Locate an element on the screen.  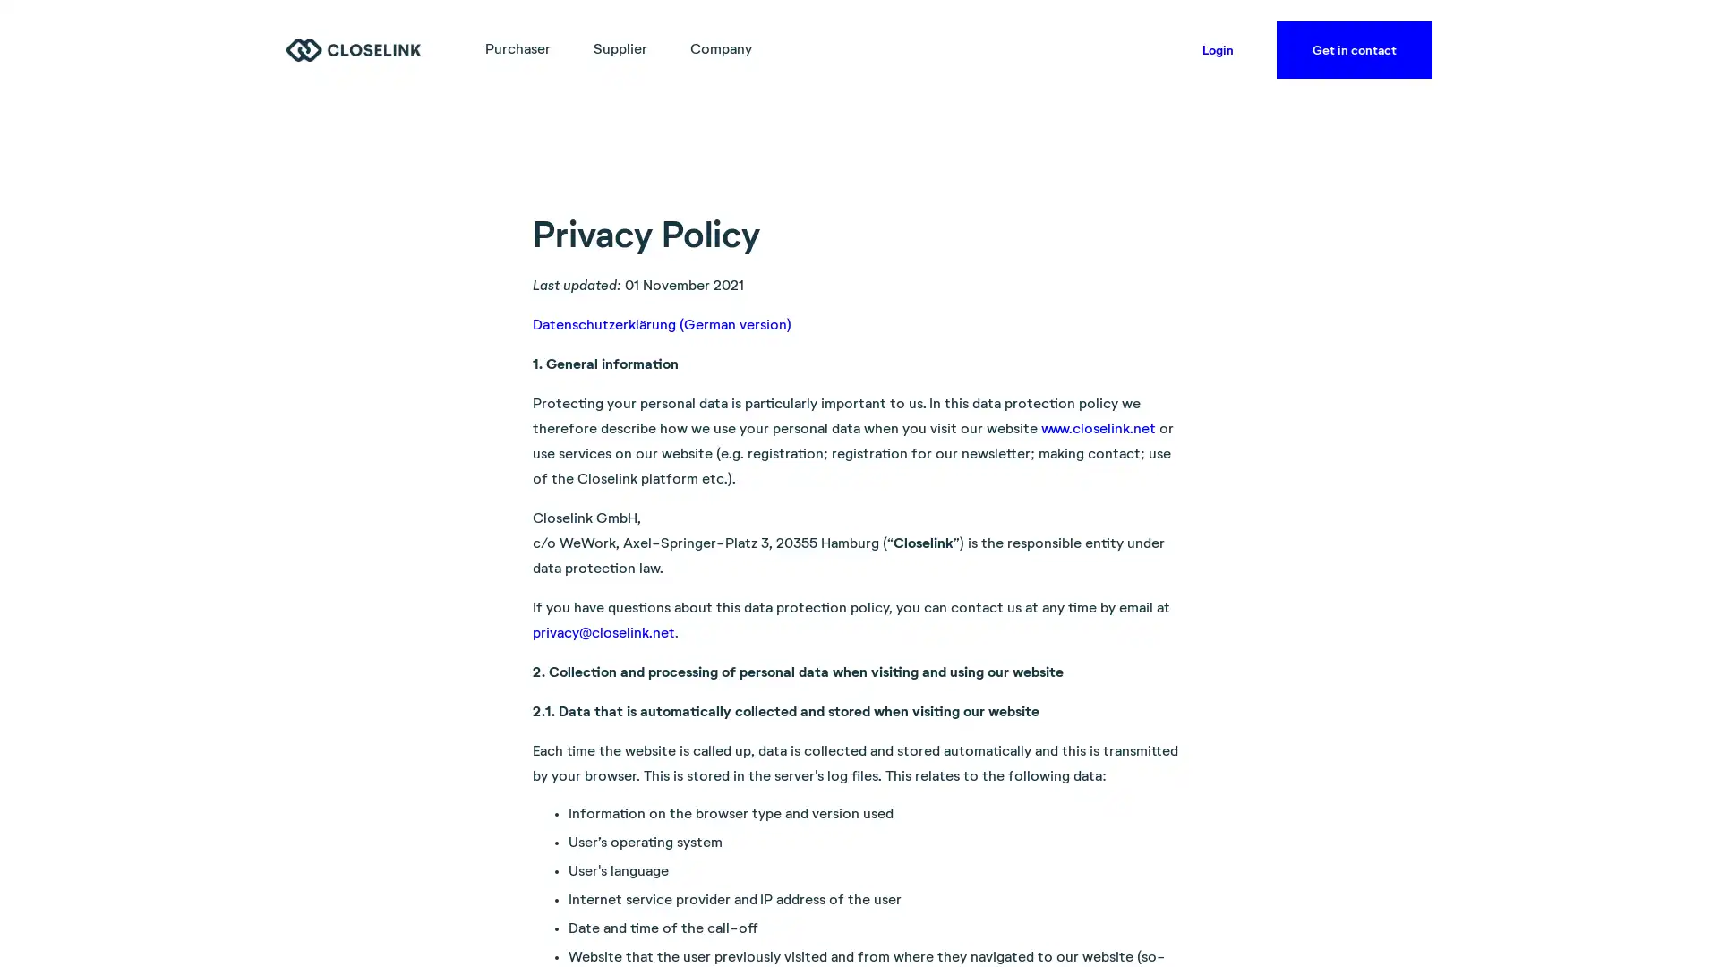
Accept all is located at coordinates (977, 624).